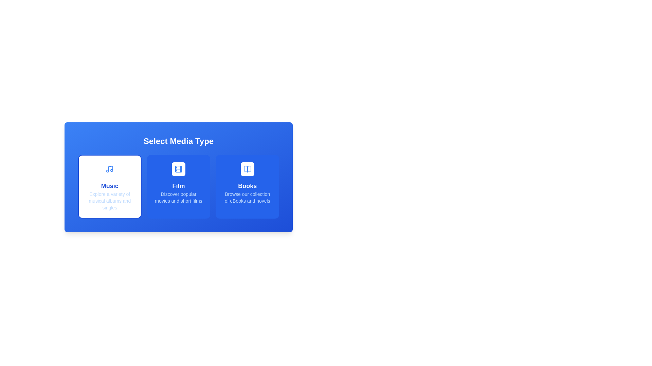  What do you see at coordinates (178, 168) in the screenshot?
I see `the 'Film' selection button located in the middle column of the three-column input panel` at bounding box center [178, 168].